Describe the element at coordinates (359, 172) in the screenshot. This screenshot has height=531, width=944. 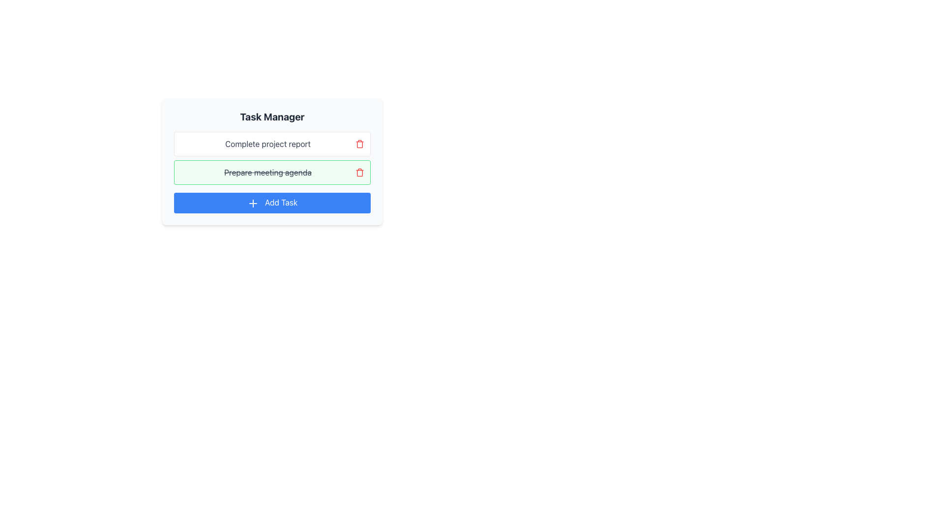
I see `the second trash icon located to the right of the 'Prepare meeting agenda' text` at that location.